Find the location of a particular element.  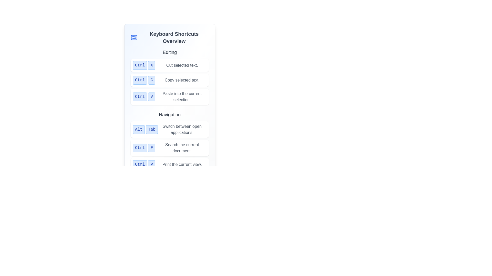

the text label displaying 'Cut selected text.' which is aligned with the shortcut keys 'Ctrl+X' in the Editing section is located at coordinates (182, 65).